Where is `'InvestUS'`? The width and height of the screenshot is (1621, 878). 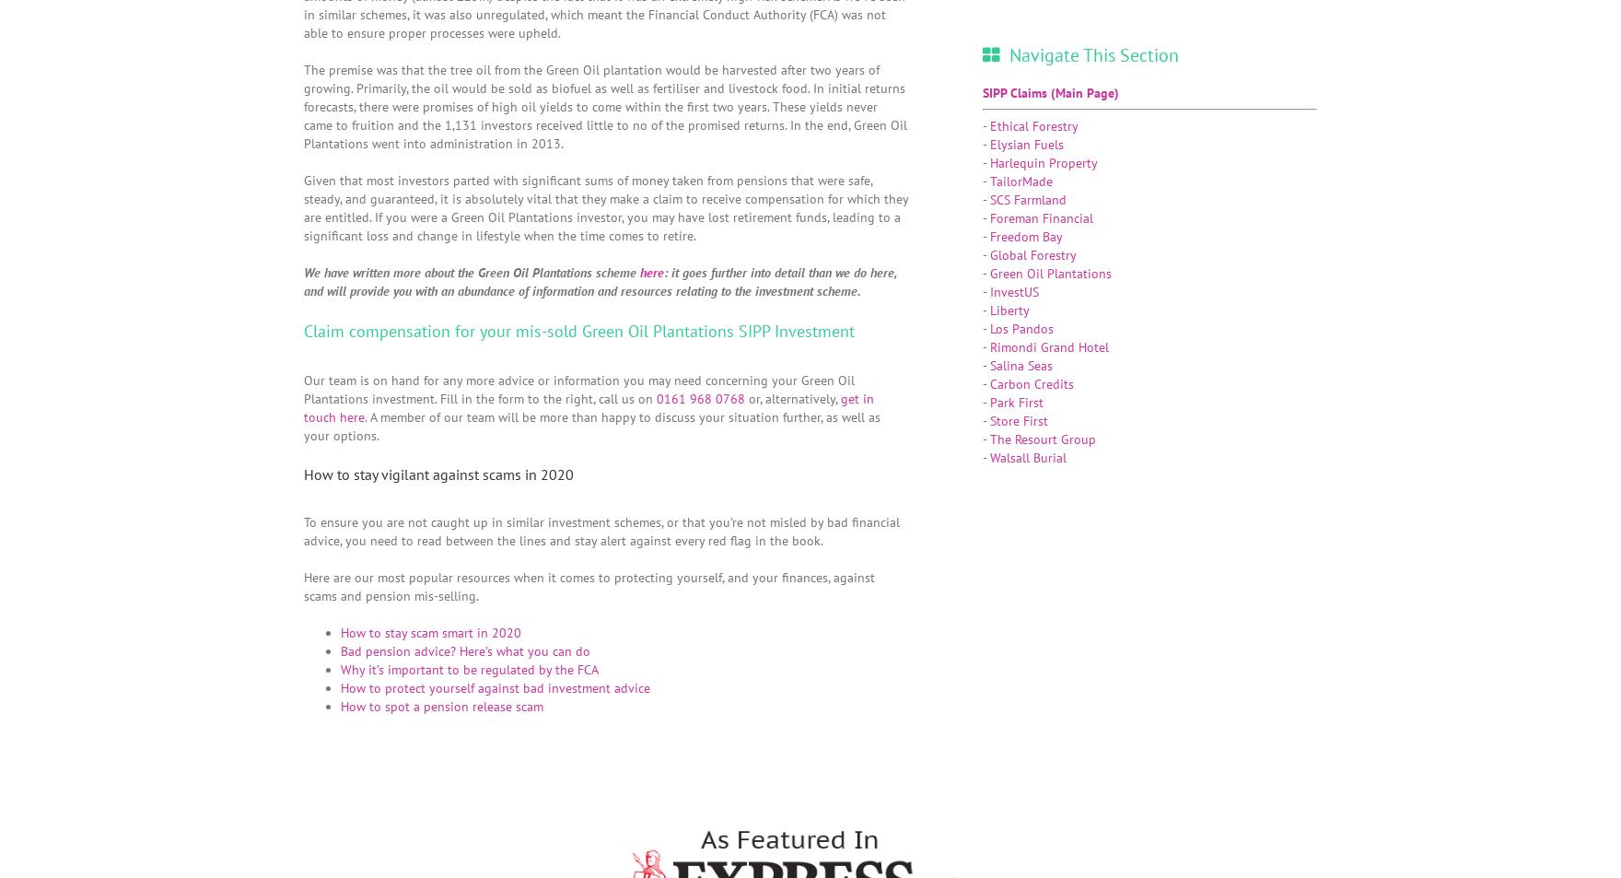
'InvestUS' is located at coordinates (1013, 290).